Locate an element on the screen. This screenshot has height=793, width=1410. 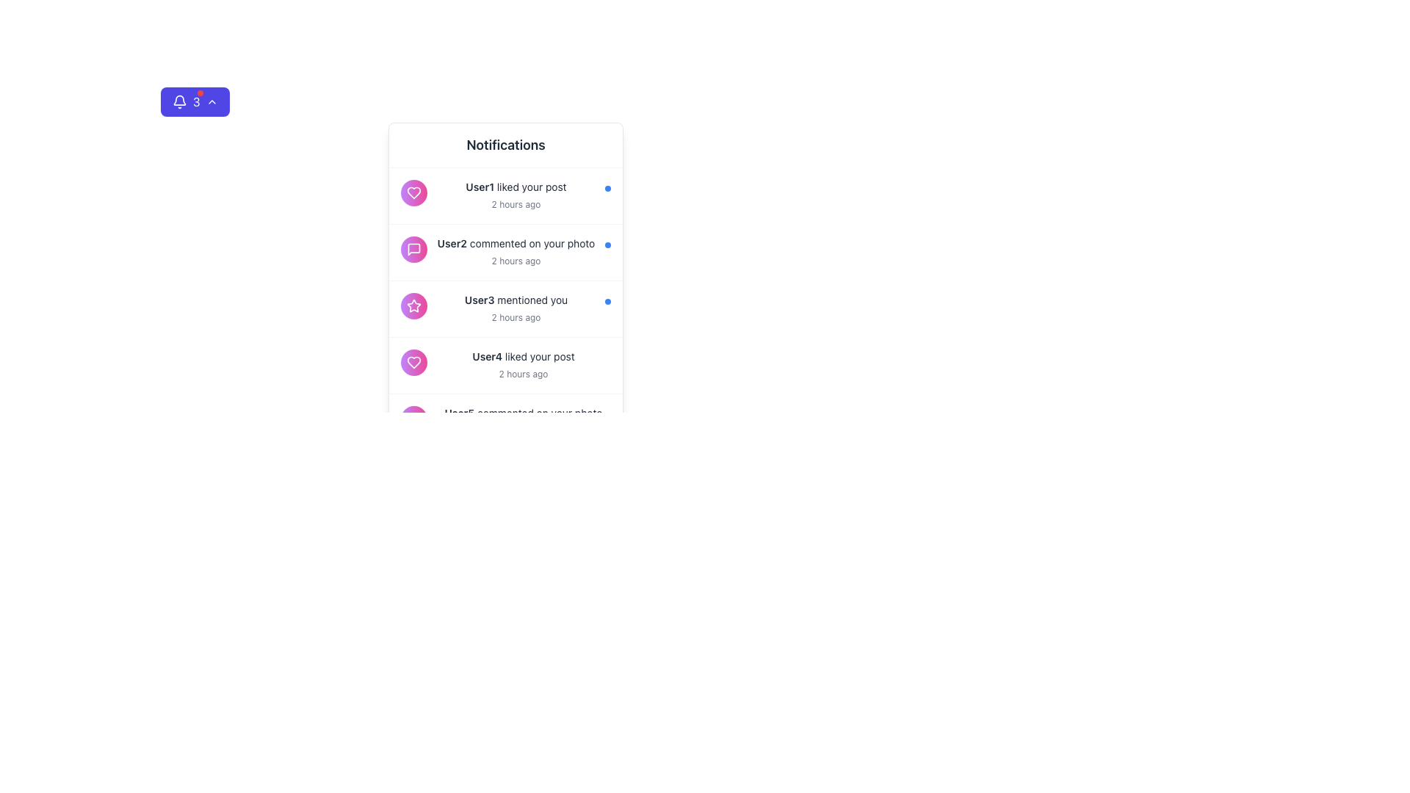
the 'Notifications' title bar, which is a bold text label located at the top of the notifications dropdown panel is located at coordinates (506, 145).